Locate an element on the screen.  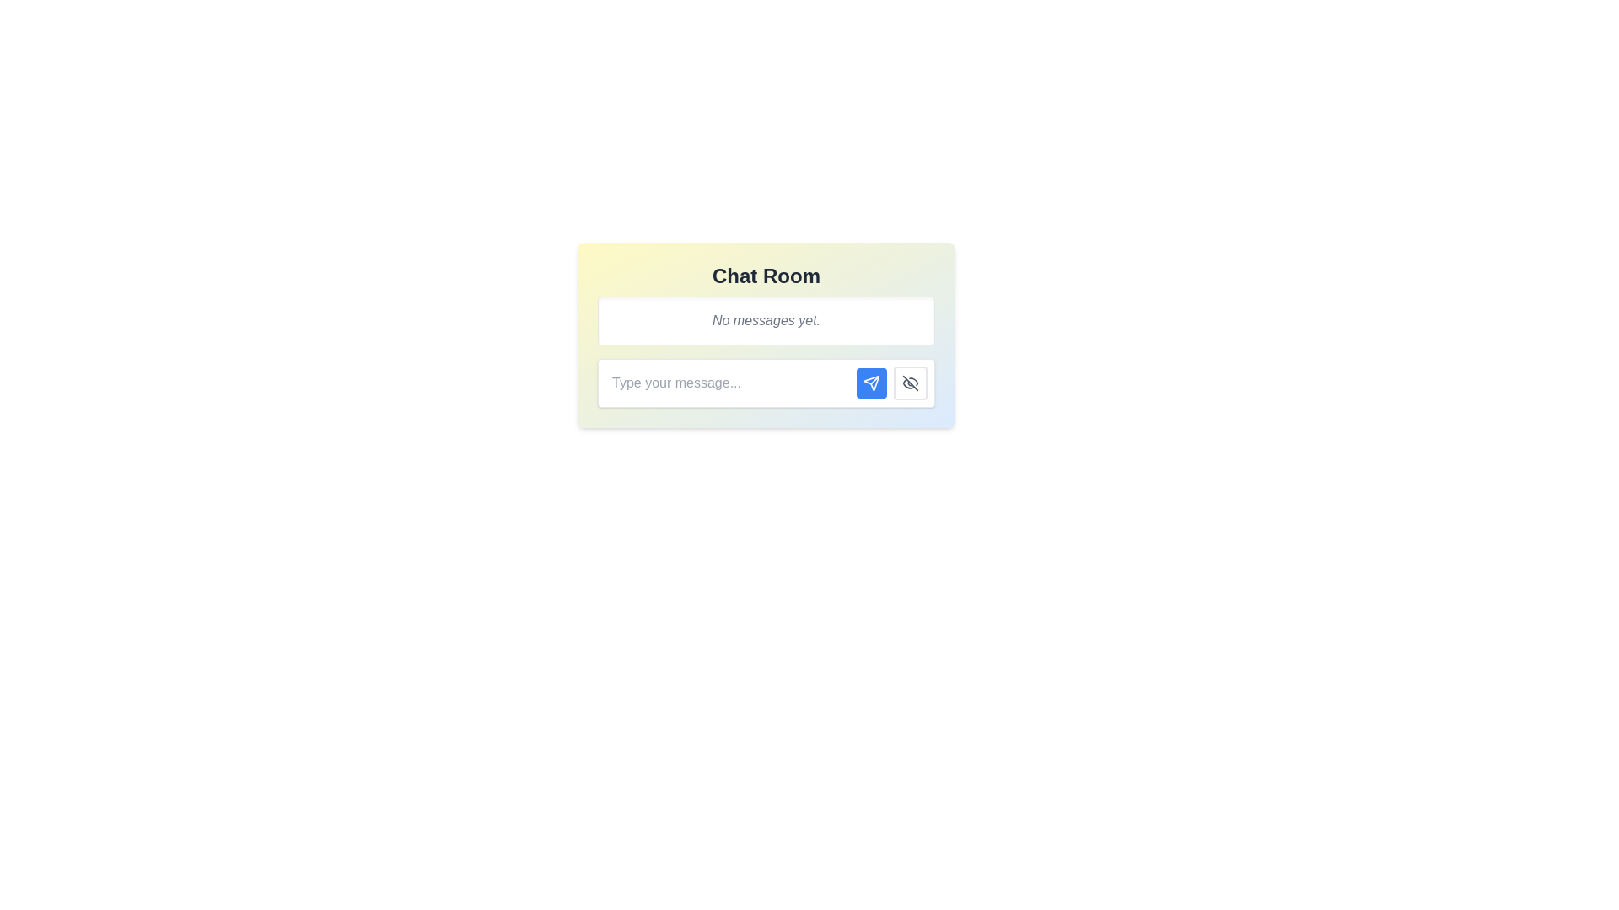
the small triangular graphical figure within the 'send' button icon, which resembles a paper plane, located on the left-bottom side of the icon is located at coordinates (871, 383).